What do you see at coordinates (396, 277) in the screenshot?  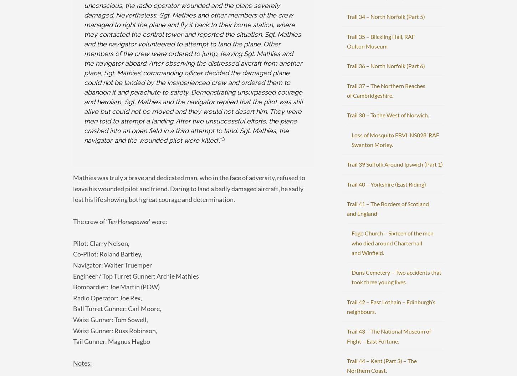 I see `'Duns Cemetery – Two accidents that took three young lives.'` at bounding box center [396, 277].